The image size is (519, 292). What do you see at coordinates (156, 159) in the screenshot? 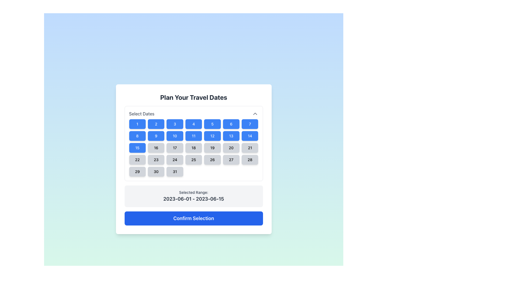
I see `the rectangular button with rounded borders styled in gray, containing the text '23' centered in black, indicating a selectable date` at bounding box center [156, 159].